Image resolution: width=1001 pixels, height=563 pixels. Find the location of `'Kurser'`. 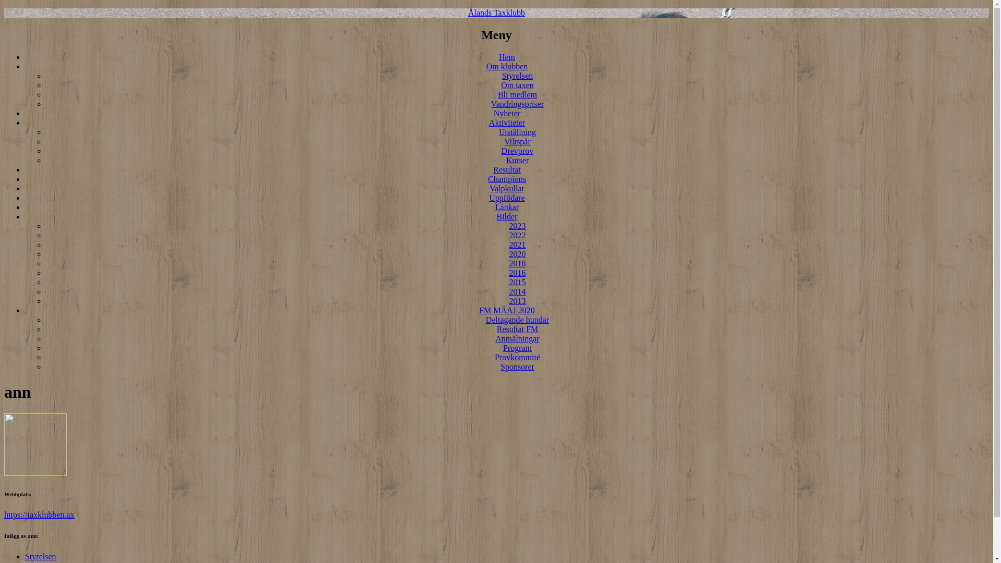

'Kurser' is located at coordinates (506, 160).